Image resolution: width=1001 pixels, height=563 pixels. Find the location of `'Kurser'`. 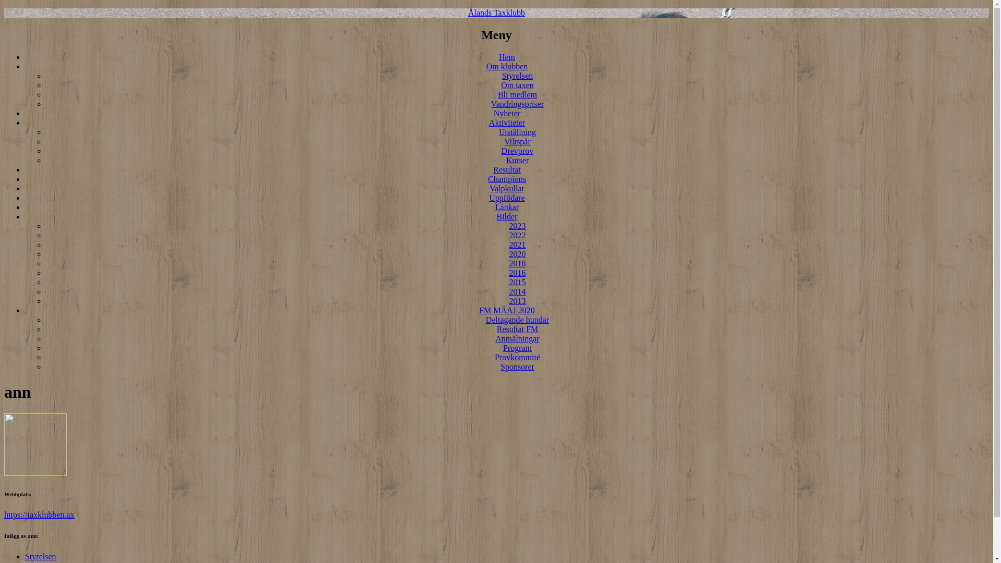

'Kurser' is located at coordinates (506, 160).